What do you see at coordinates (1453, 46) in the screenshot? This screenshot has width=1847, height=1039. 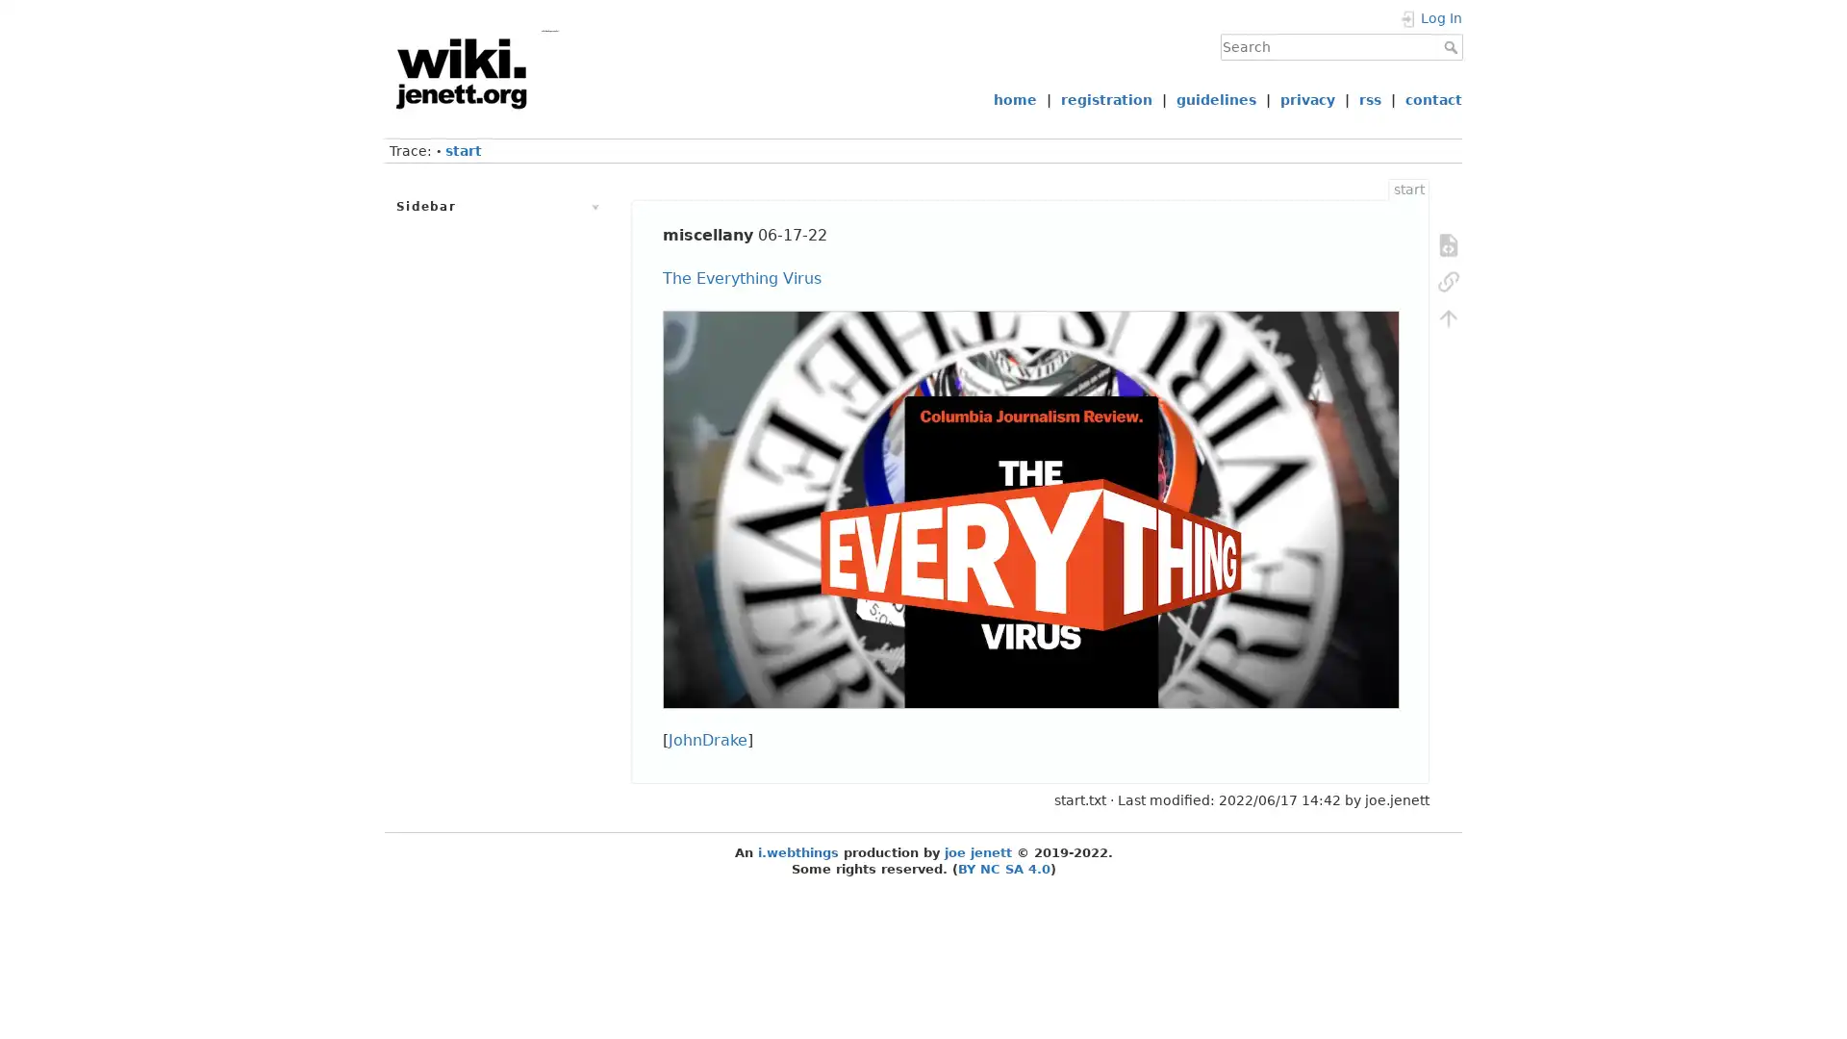 I see `Search` at bounding box center [1453, 46].